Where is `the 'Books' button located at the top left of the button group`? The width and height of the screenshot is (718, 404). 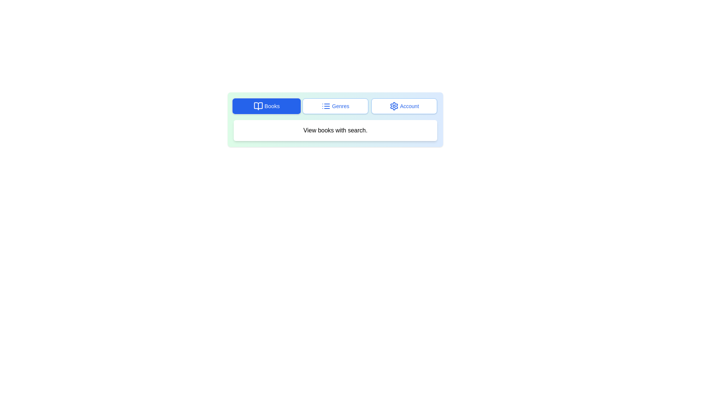 the 'Books' button located at the top left of the button group is located at coordinates (267, 106).